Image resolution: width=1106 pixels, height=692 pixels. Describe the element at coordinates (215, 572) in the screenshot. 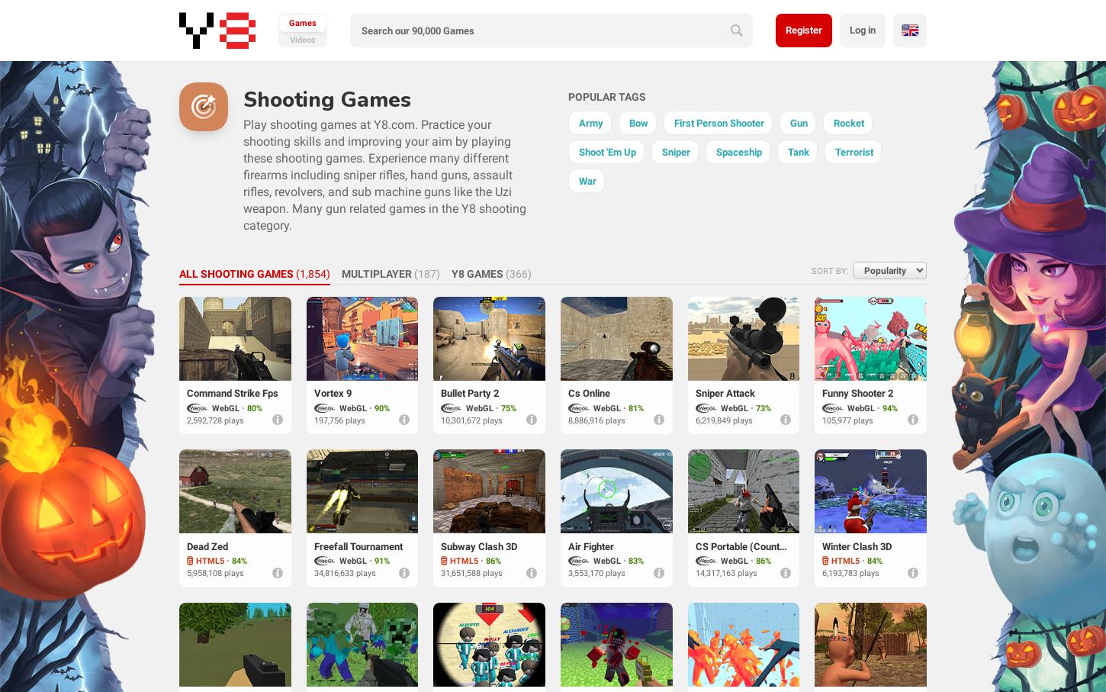

I see `'5,958,108 plays'` at that location.